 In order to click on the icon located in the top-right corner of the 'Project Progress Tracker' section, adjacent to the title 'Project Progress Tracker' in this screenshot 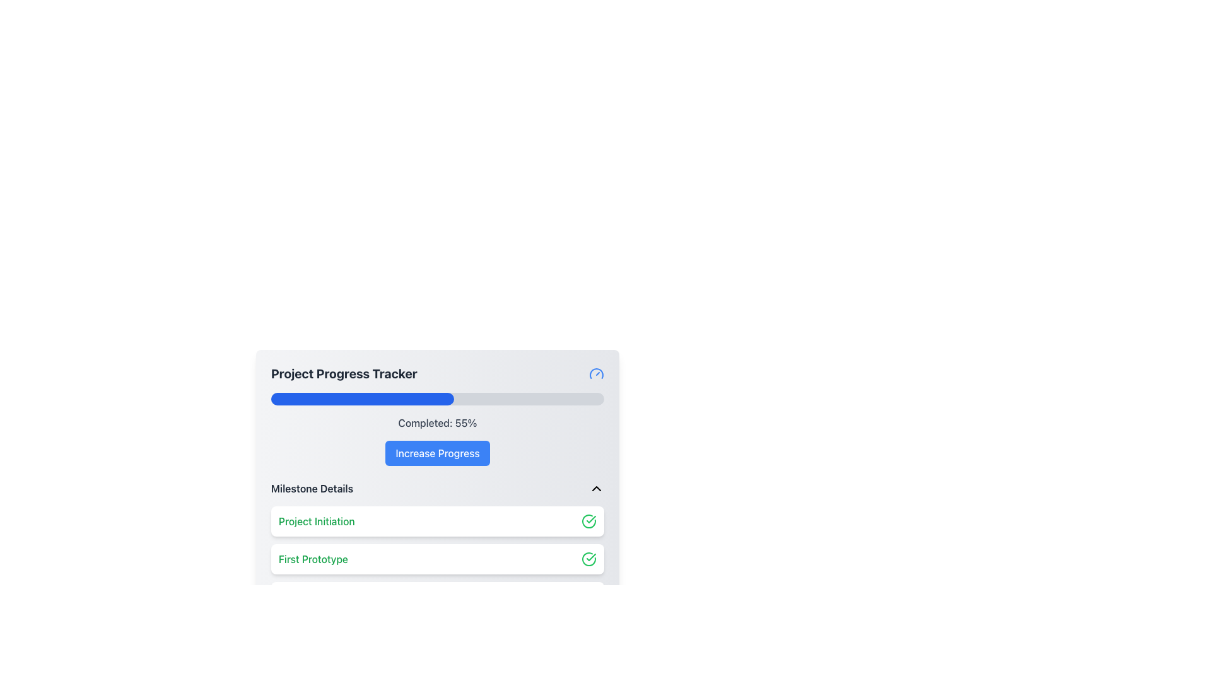, I will do `click(595, 373)`.